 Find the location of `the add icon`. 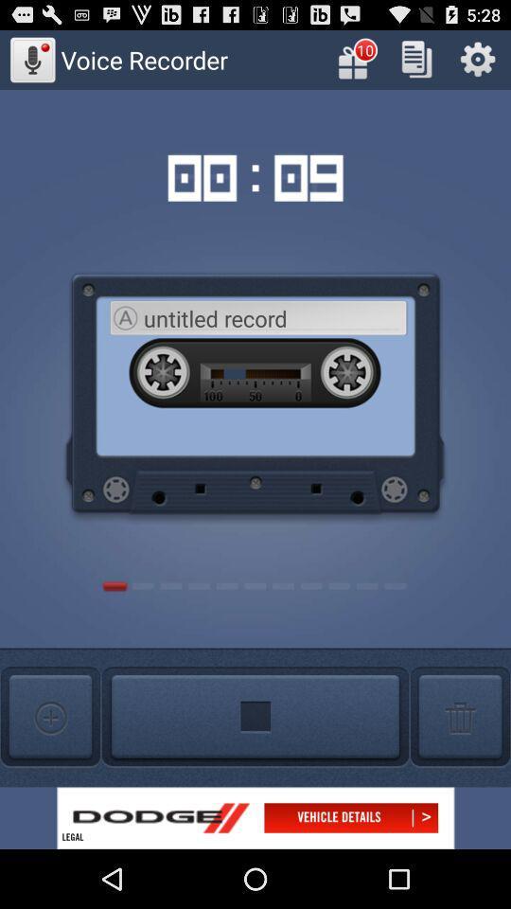

the add icon is located at coordinates (50, 767).